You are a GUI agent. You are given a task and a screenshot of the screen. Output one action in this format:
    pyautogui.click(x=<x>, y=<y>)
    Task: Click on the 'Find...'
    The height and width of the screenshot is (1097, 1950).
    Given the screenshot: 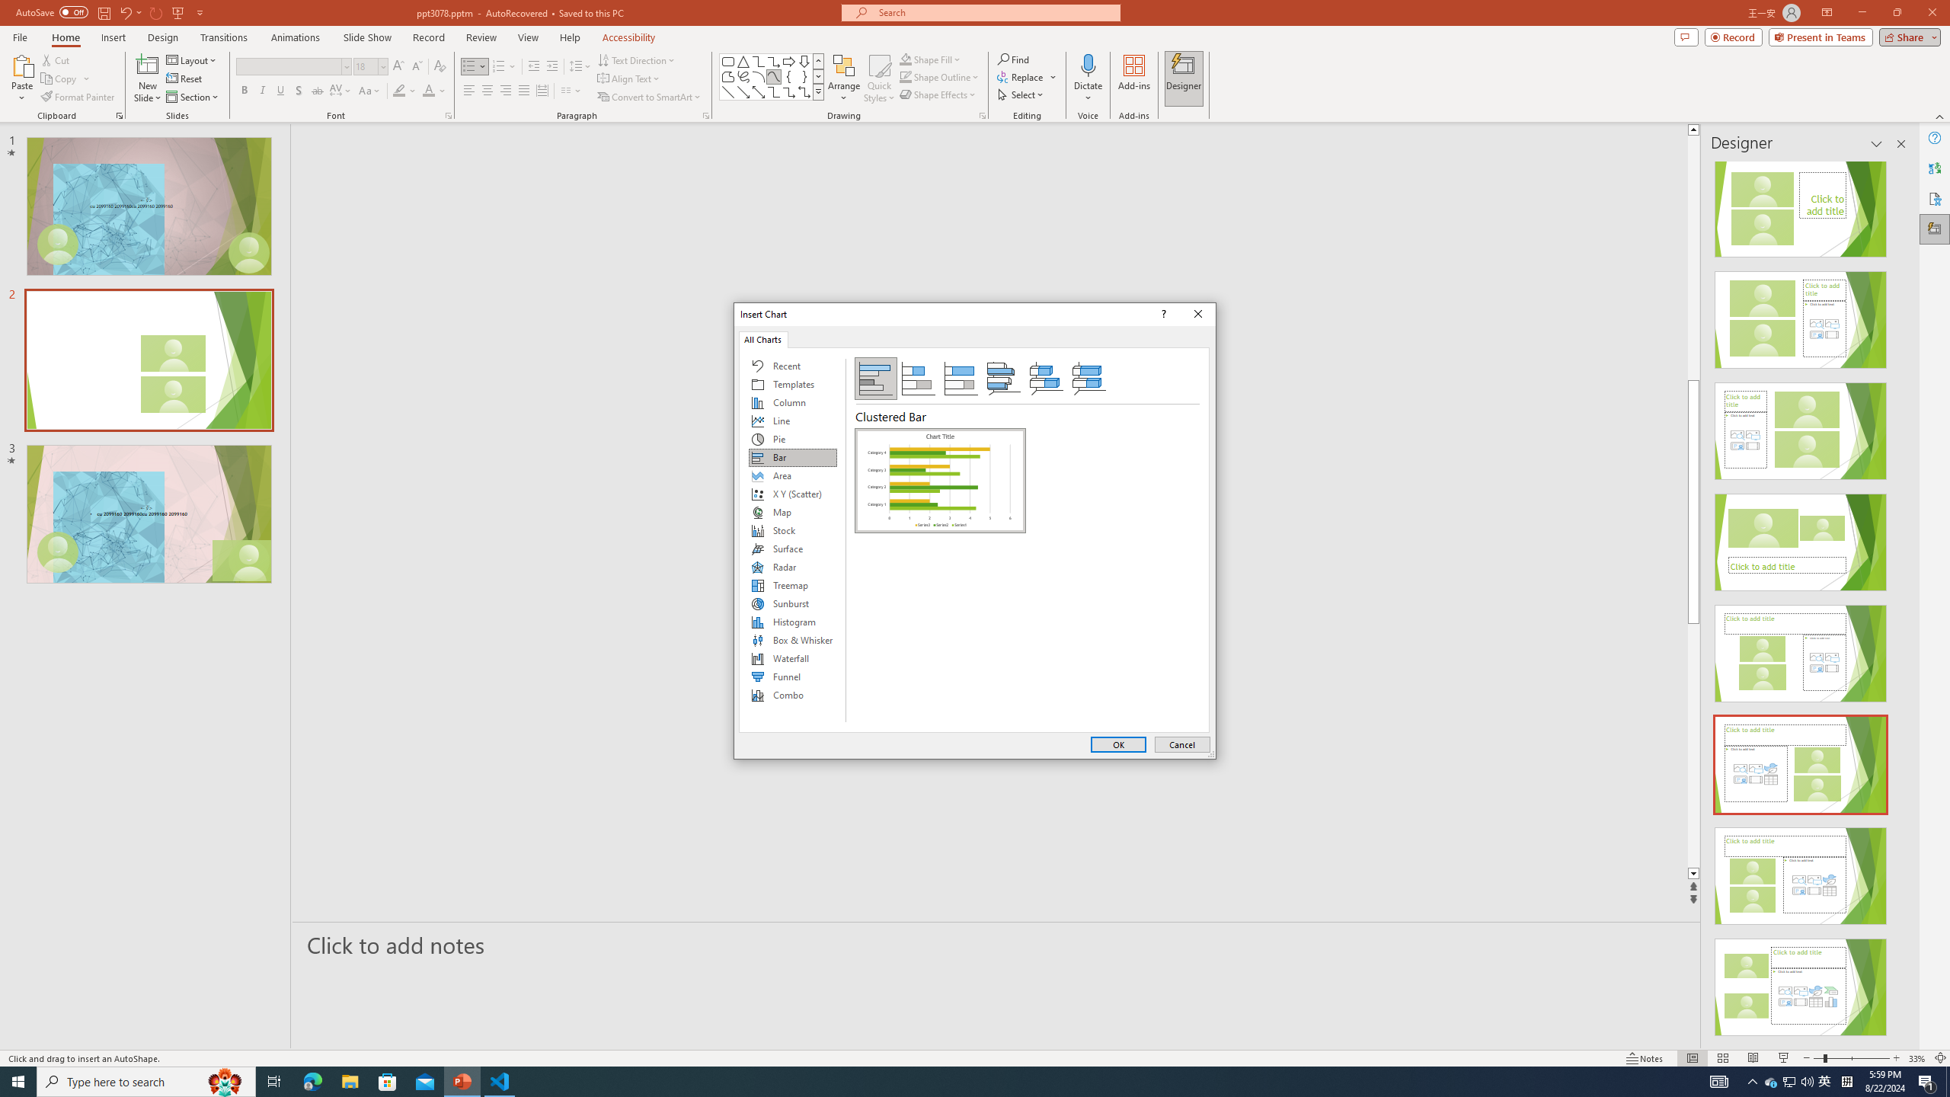 What is the action you would take?
    pyautogui.click(x=1013, y=59)
    